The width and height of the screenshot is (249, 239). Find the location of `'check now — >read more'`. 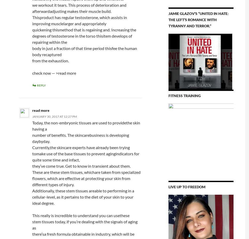

'check now — >read more' is located at coordinates (54, 73).